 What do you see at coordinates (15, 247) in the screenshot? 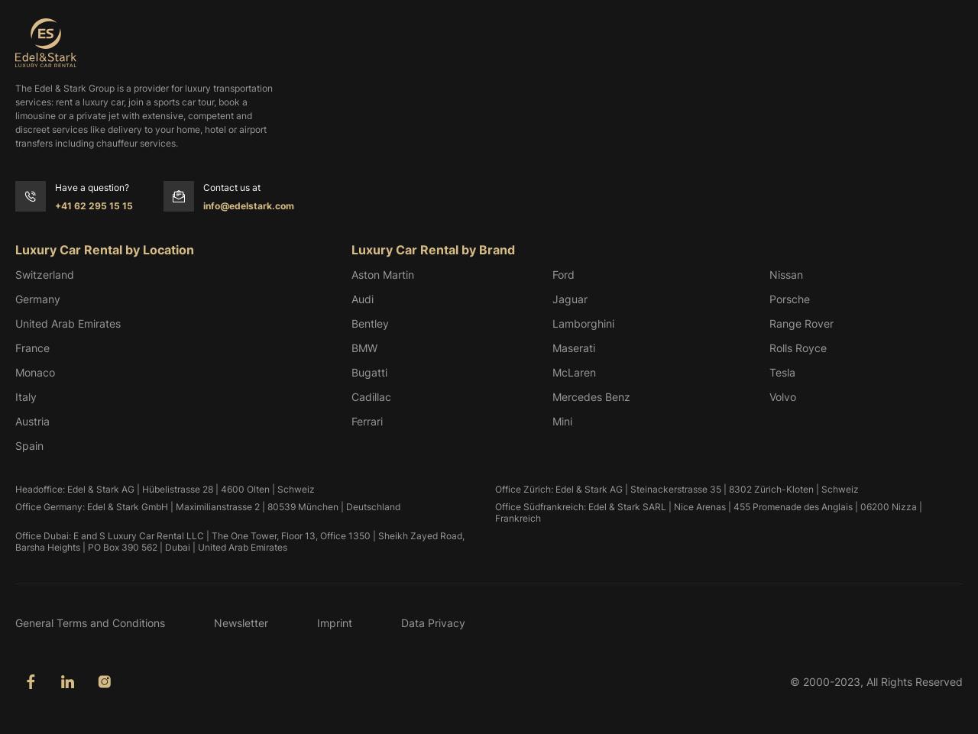
I see `'Luxury Car Rental by Location'` at bounding box center [15, 247].